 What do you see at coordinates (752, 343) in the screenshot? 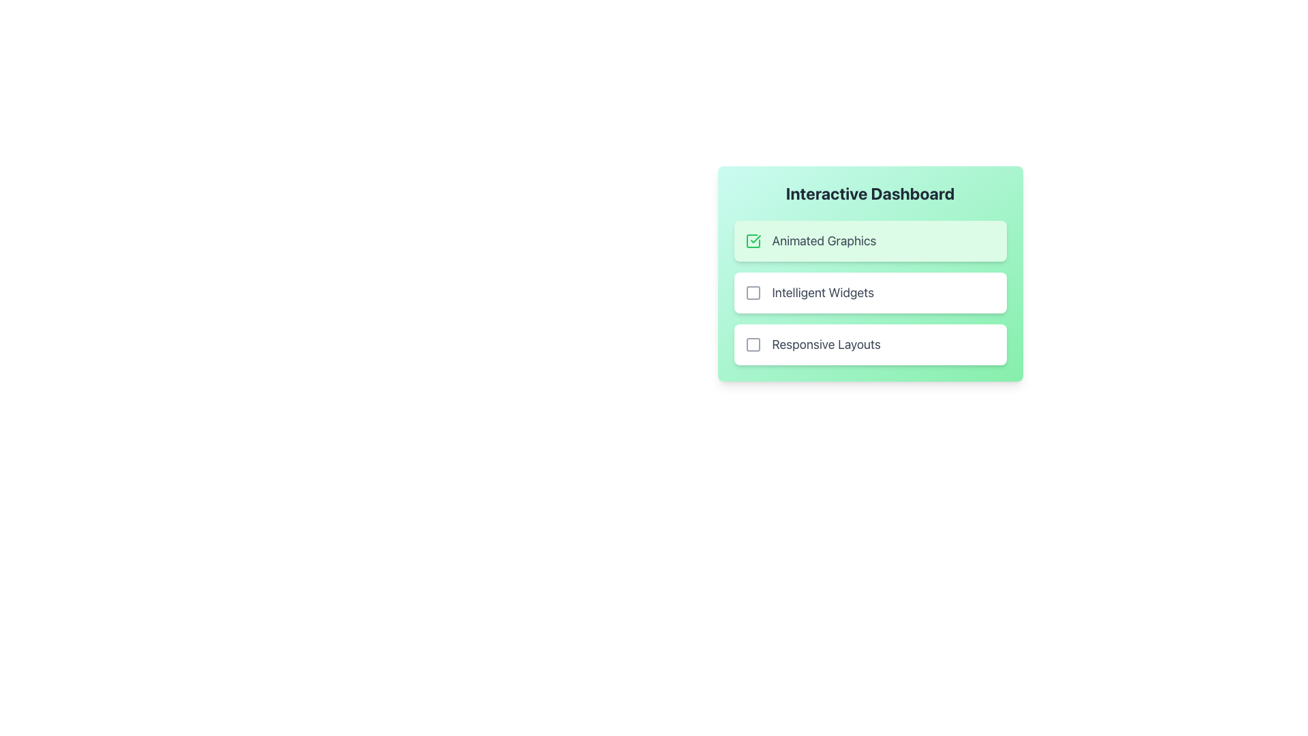
I see `the unselected Checkbox next to the 'Responsive Layouts' text` at bounding box center [752, 343].